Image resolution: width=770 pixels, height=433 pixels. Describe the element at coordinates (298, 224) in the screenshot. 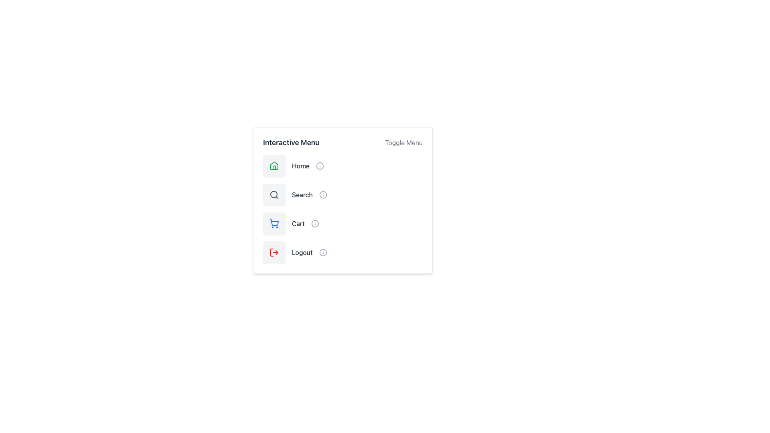

I see `the Text Label indicating the purpose of the shopping cart menu item, located below the 'Search' option and above the 'Logout' option in the 'Interactive Menu'` at that location.